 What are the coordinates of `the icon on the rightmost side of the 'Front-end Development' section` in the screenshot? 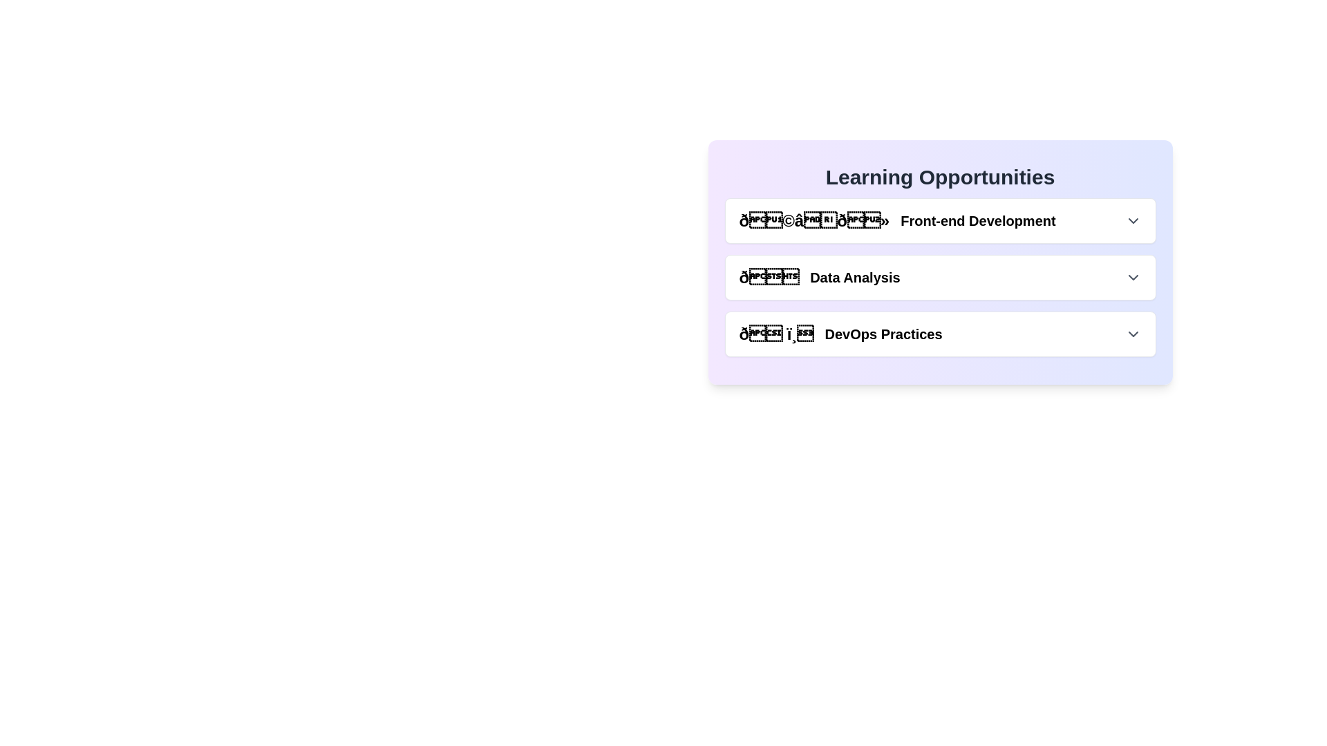 It's located at (1133, 220).